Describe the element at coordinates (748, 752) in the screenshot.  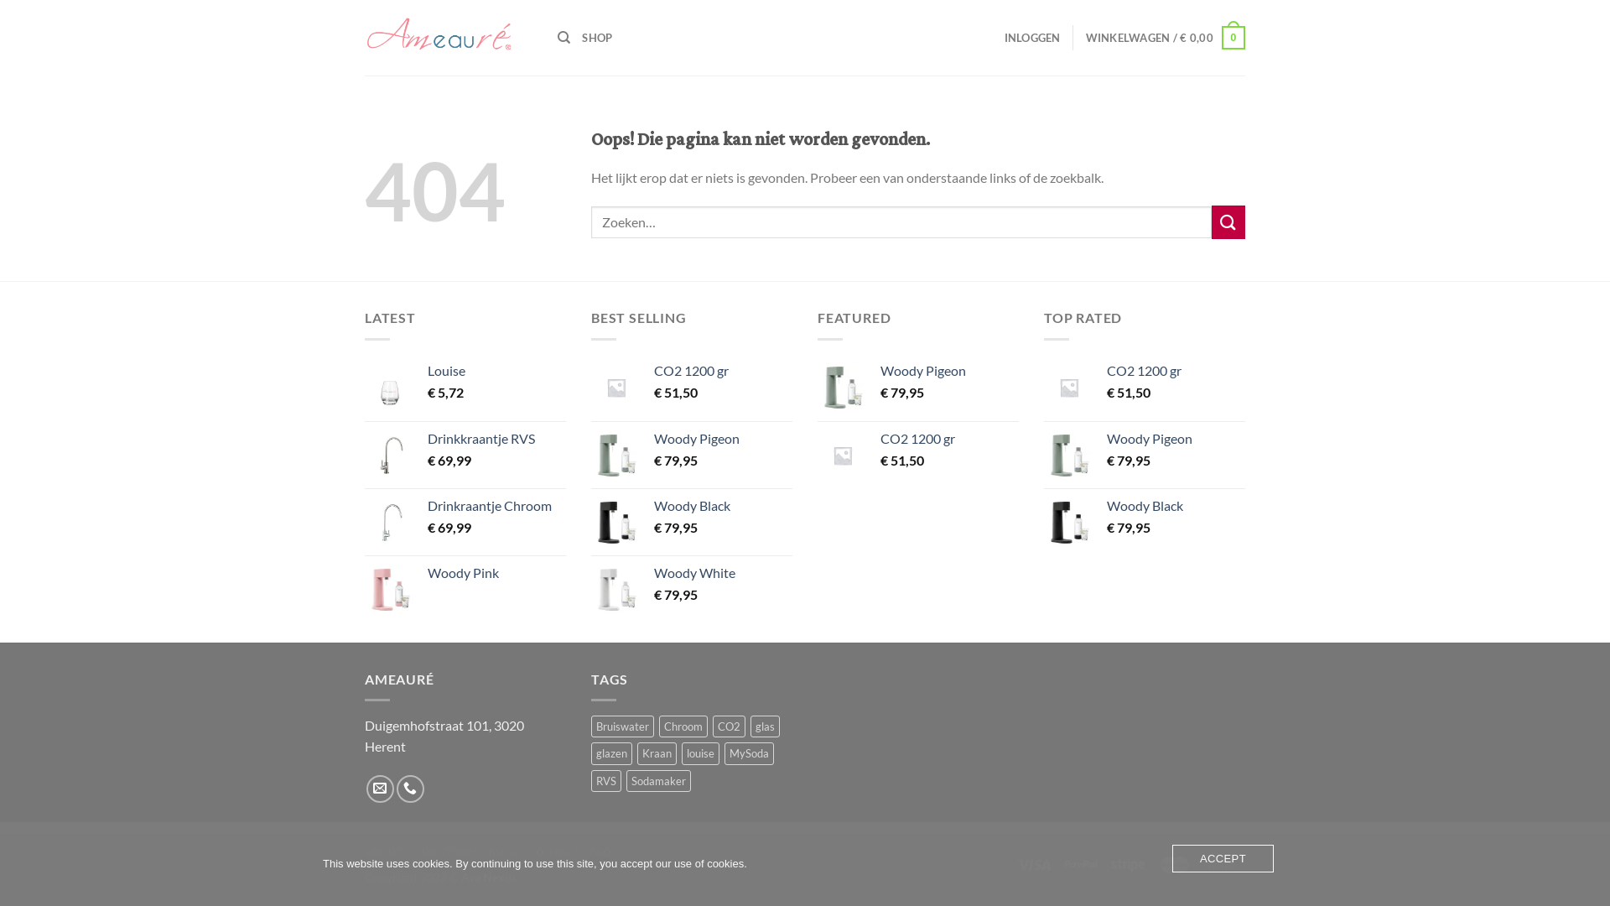
I see `'MySoda'` at that location.